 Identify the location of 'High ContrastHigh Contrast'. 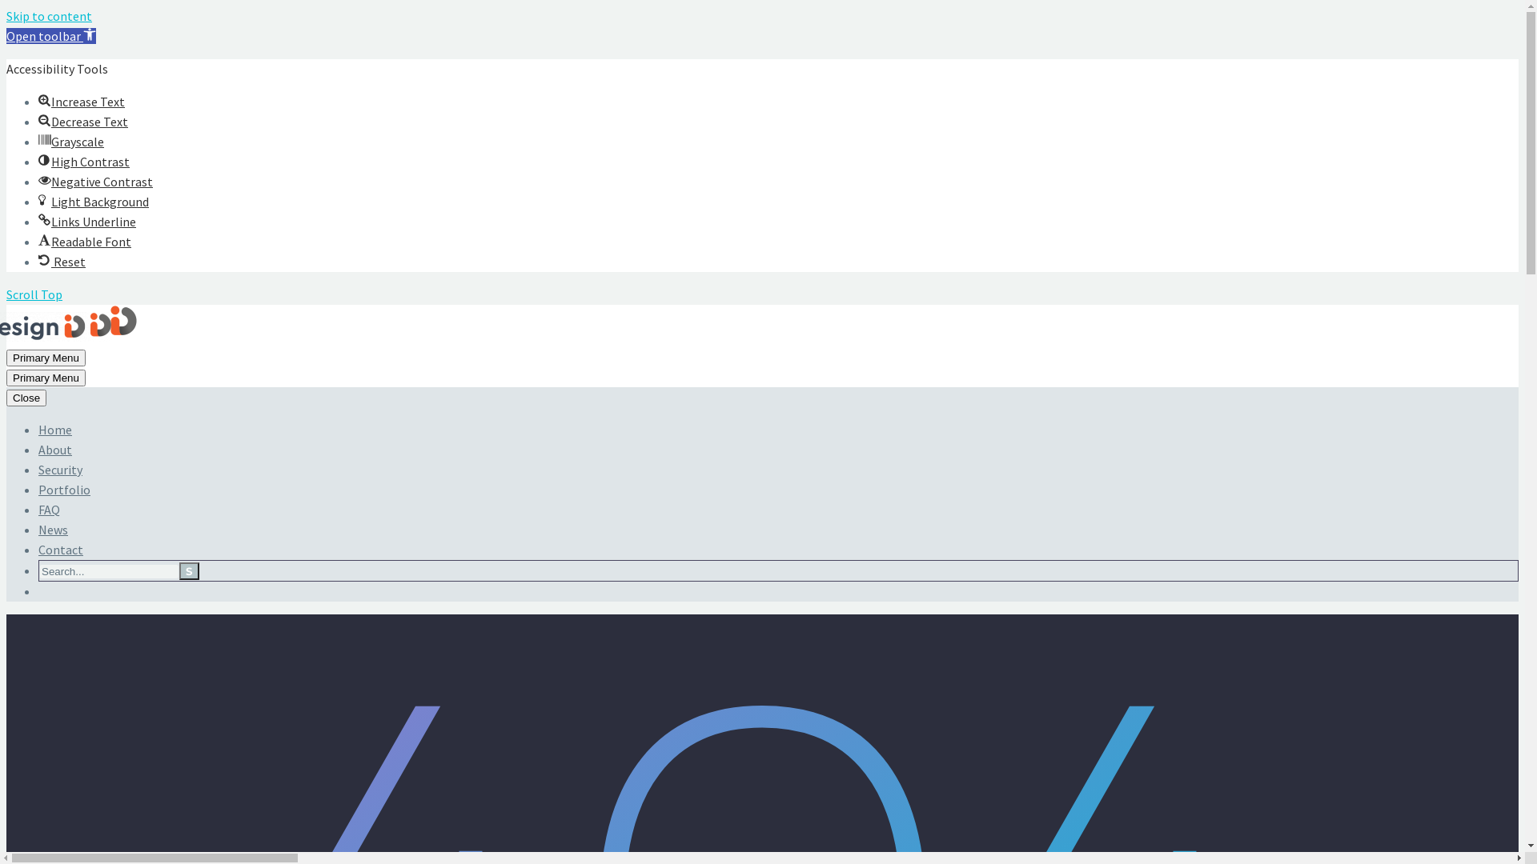
(83, 161).